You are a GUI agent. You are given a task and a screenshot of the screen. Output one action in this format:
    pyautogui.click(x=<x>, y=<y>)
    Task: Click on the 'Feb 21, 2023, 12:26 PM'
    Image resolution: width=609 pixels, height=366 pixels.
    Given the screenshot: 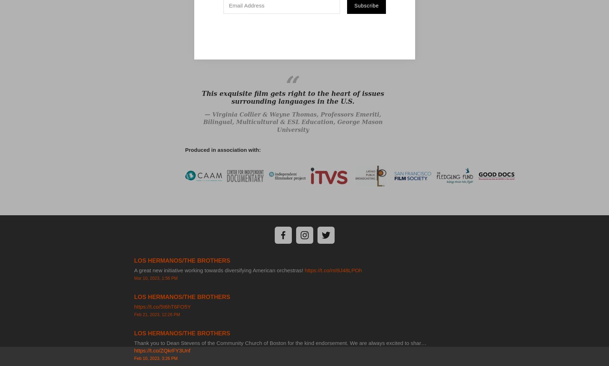 What is the action you would take?
    pyautogui.click(x=156, y=314)
    